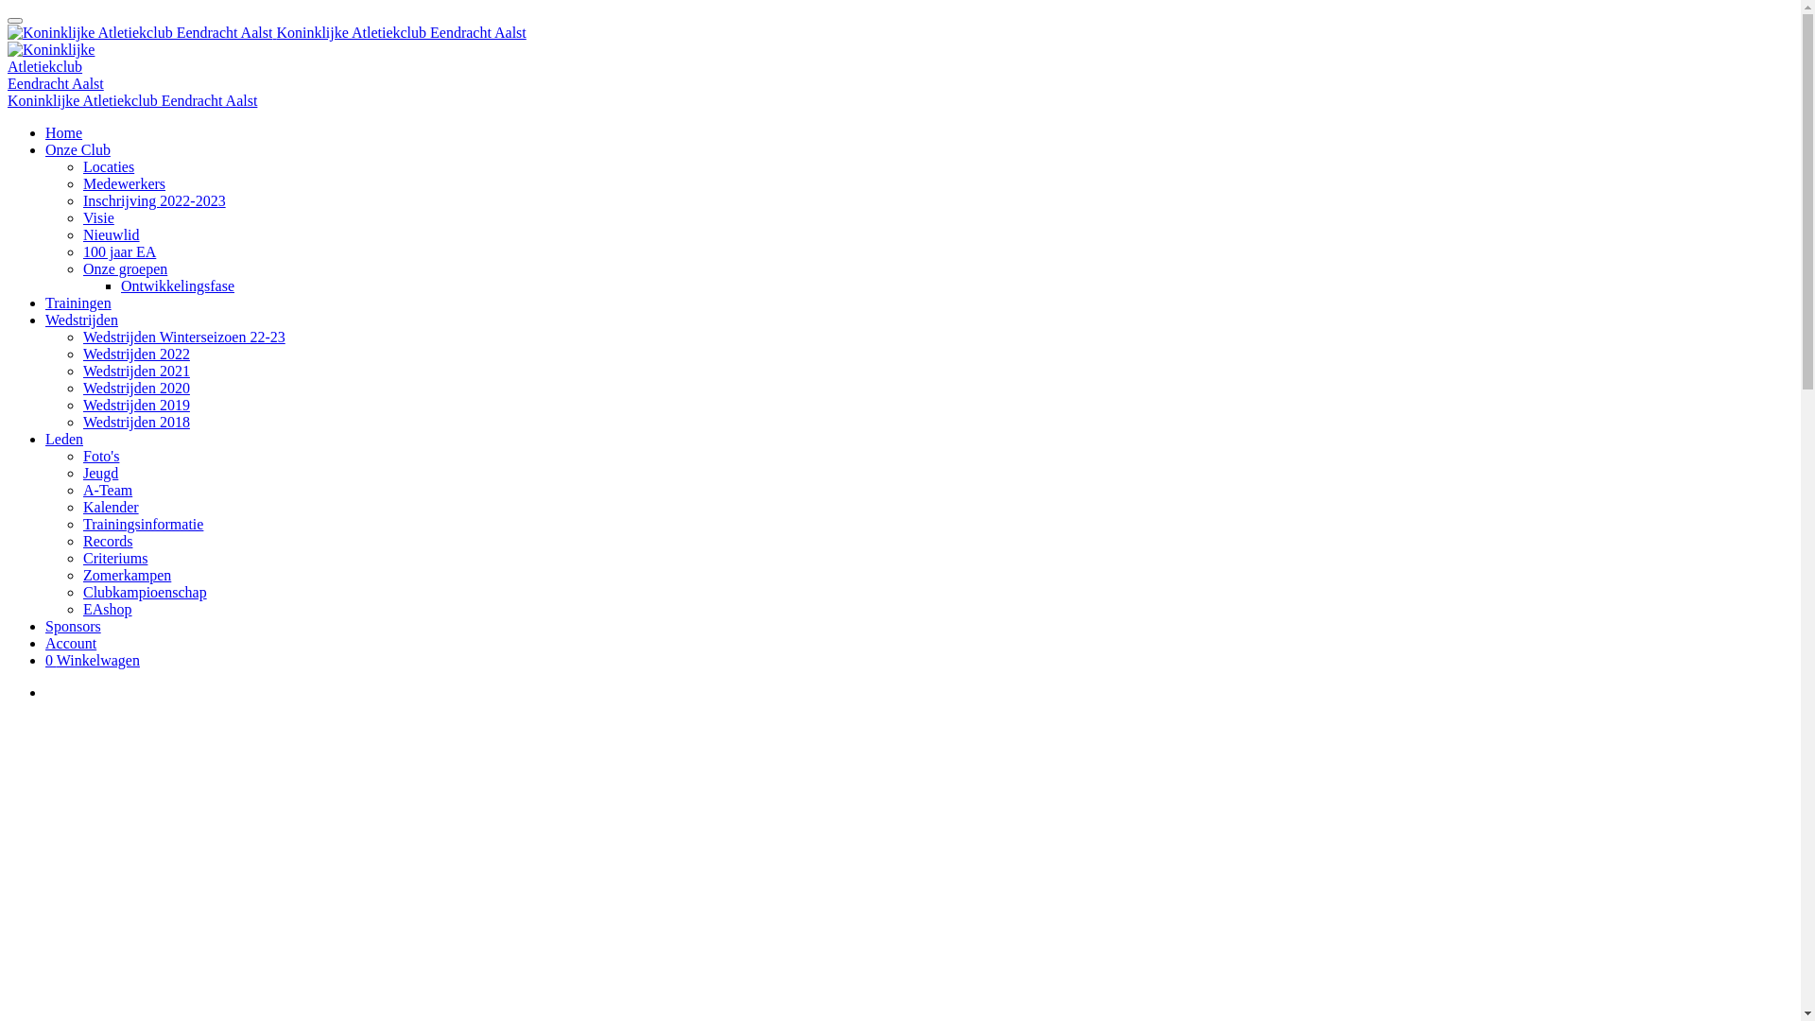 The width and height of the screenshot is (1815, 1021). Describe the element at coordinates (154, 200) in the screenshot. I see `'Inschrijving 2022-2023'` at that location.